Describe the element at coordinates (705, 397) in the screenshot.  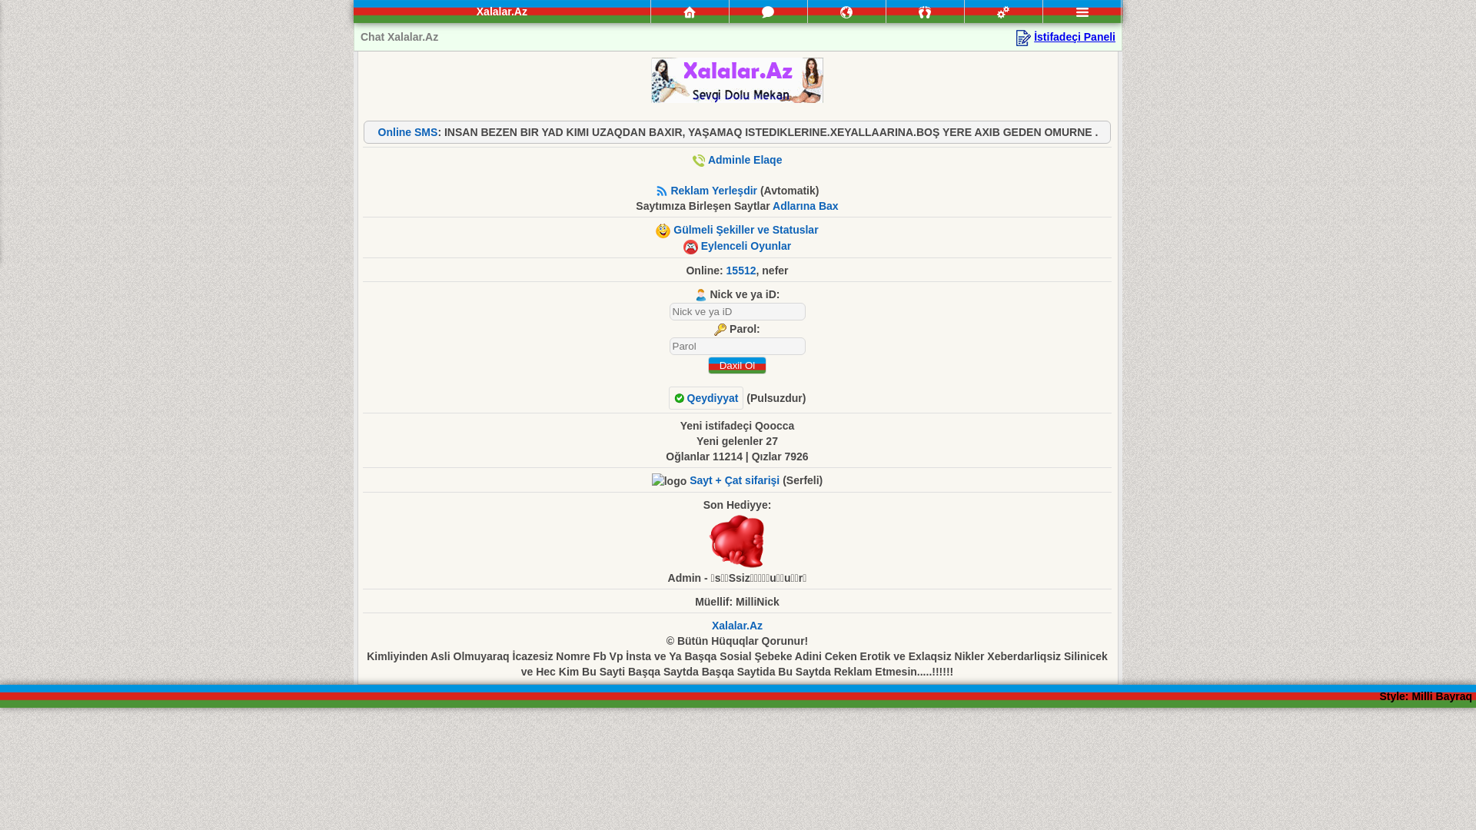
I see `'Qeydiyyat'` at that location.